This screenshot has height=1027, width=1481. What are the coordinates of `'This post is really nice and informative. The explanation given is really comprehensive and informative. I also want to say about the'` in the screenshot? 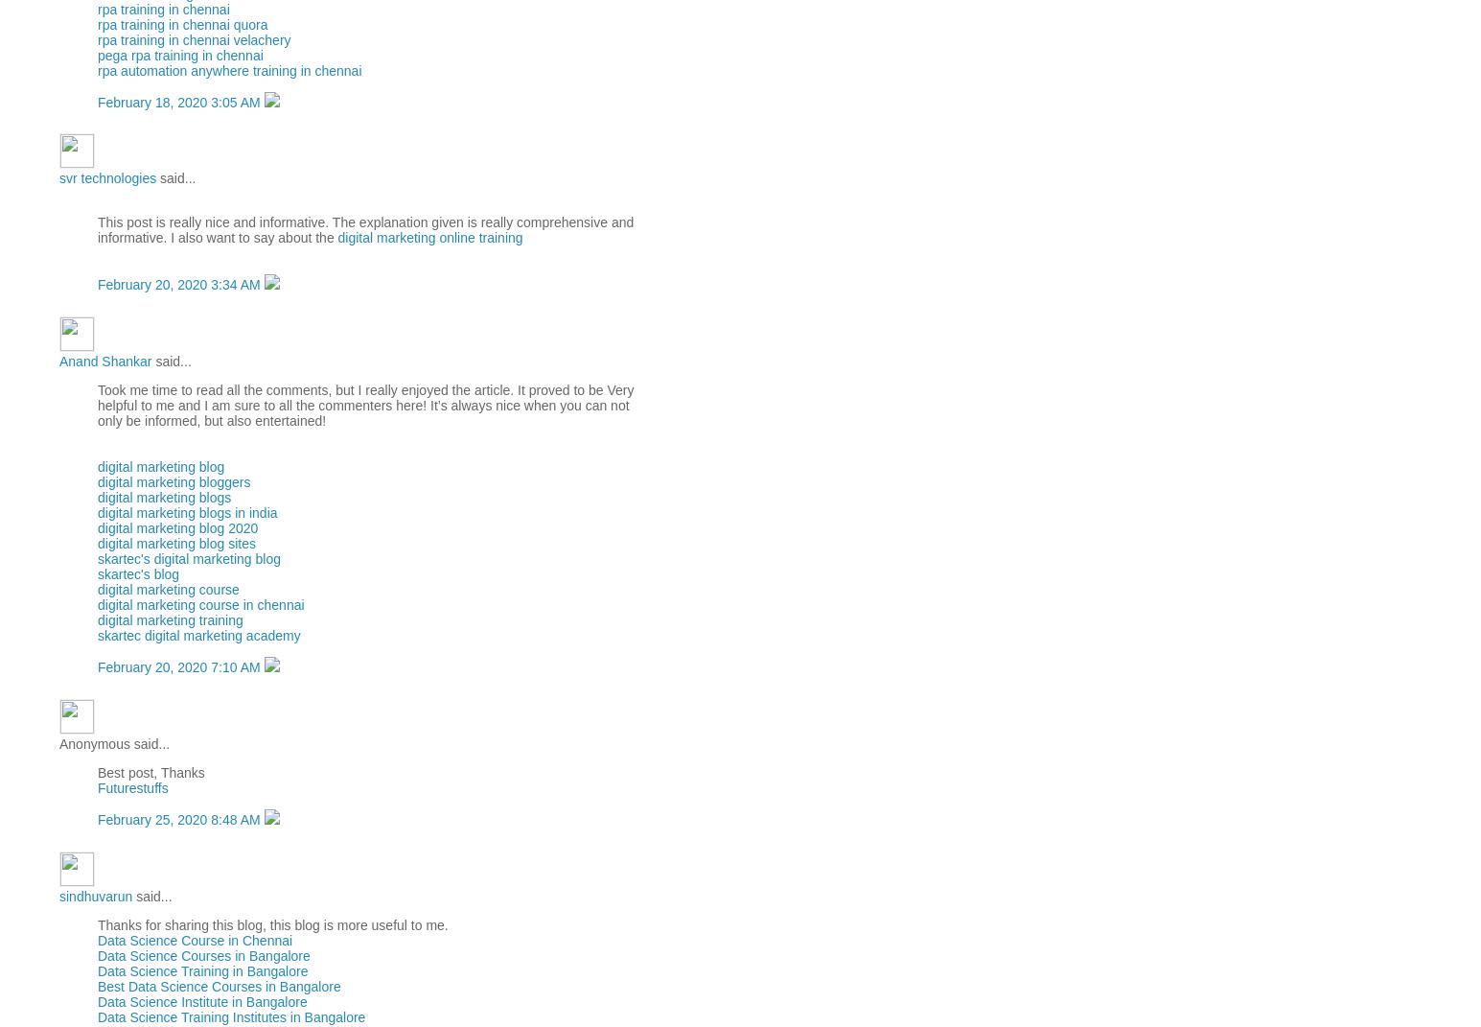 It's located at (364, 230).